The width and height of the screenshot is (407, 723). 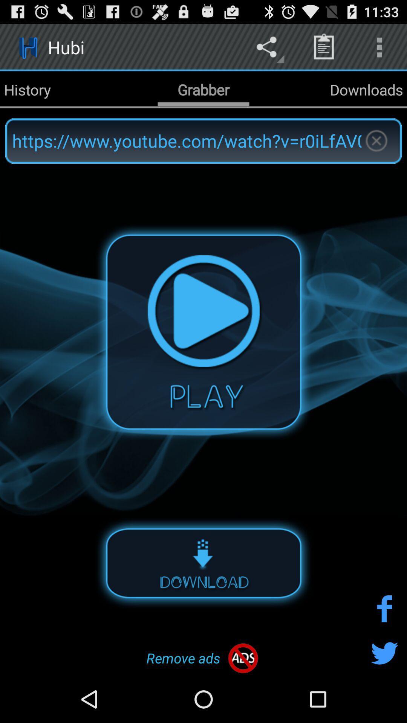 What do you see at coordinates (203, 331) in the screenshot?
I see `the audio play` at bounding box center [203, 331].